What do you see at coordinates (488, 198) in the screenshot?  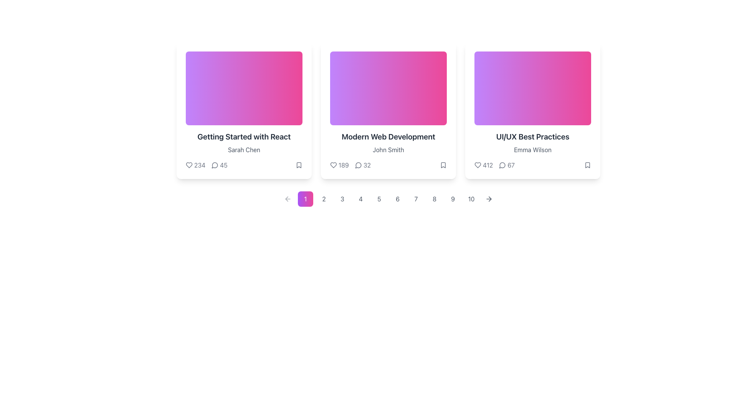 I see `the forward navigation button located to the right of the number '10' in the pagination control bar` at bounding box center [488, 198].